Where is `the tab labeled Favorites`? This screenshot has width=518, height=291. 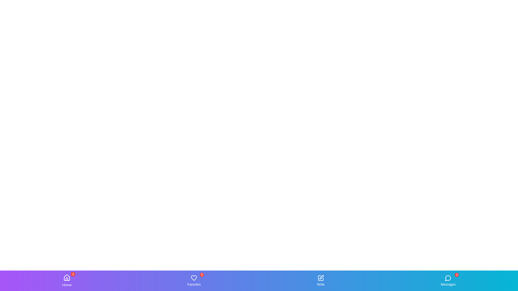
the tab labeled Favorites is located at coordinates (194, 280).